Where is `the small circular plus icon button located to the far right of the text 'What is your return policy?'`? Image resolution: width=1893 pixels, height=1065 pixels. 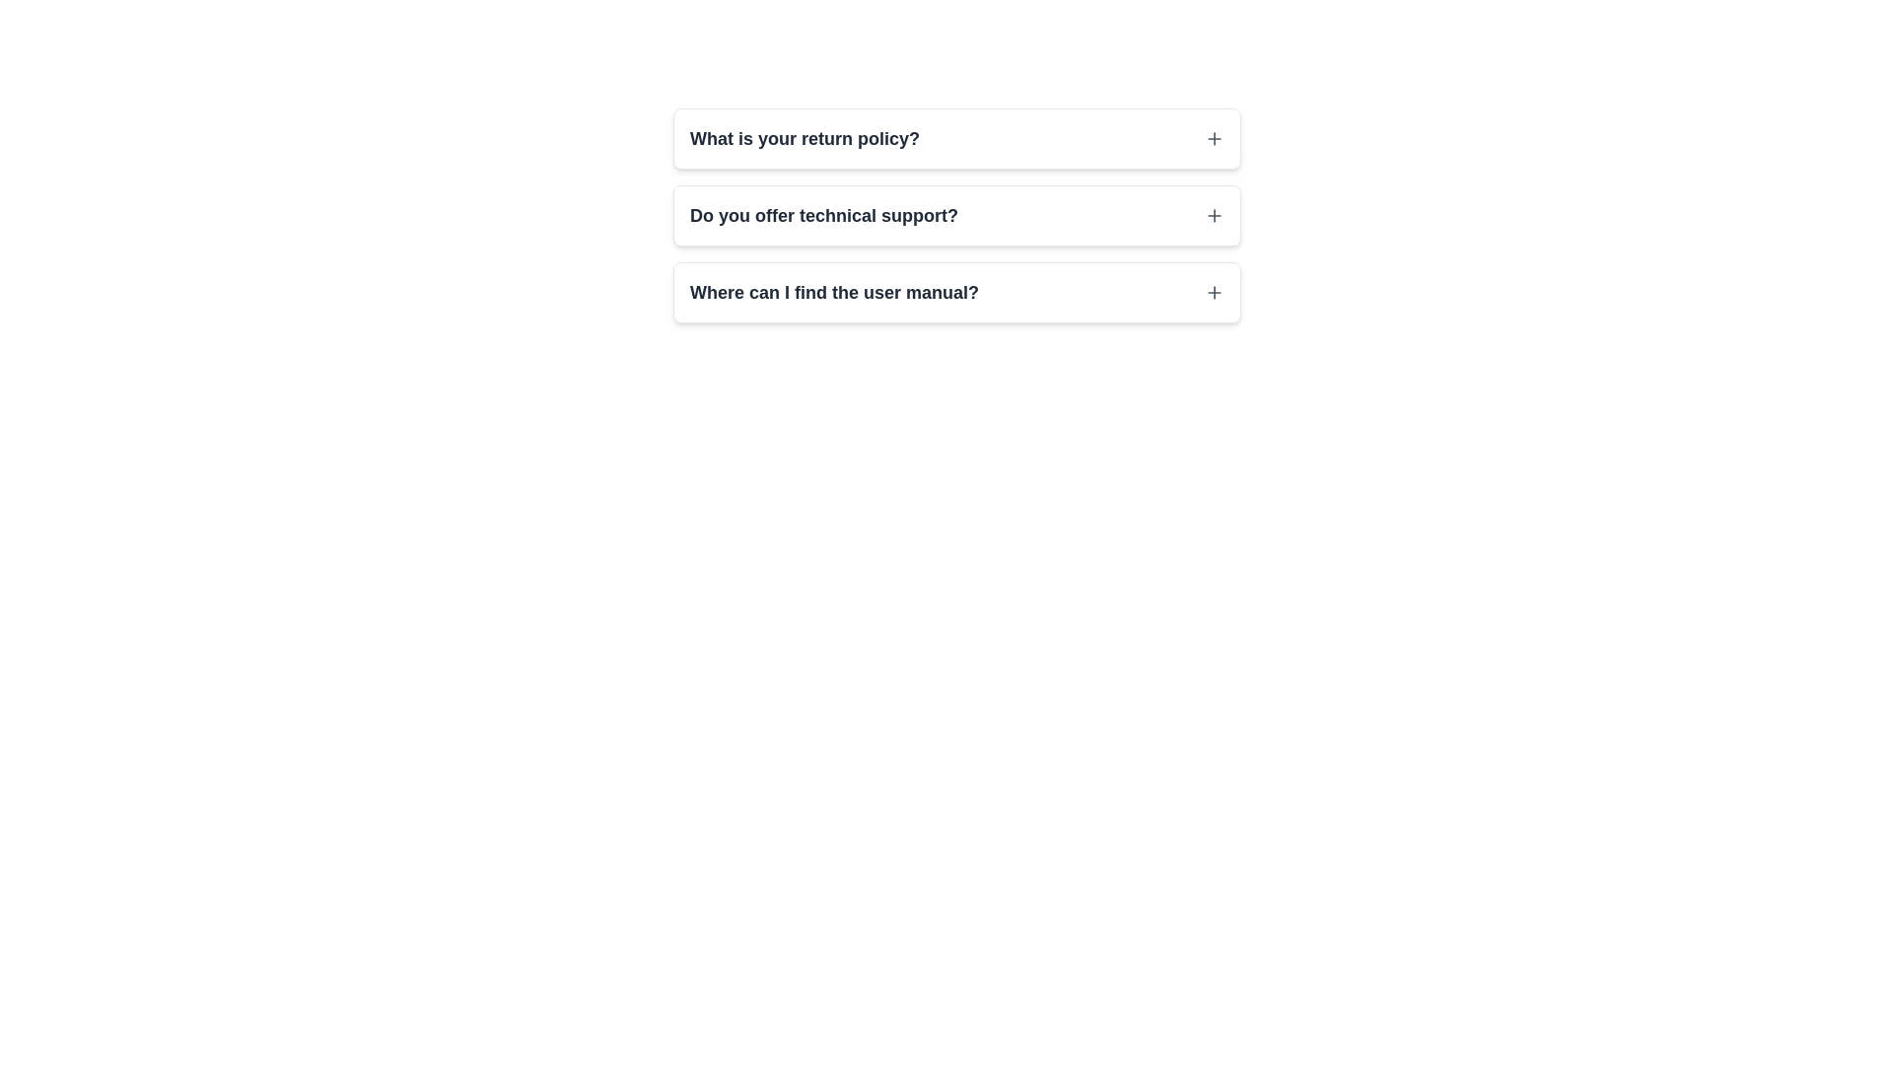 the small circular plus icon button located to the far right of the text 'What is your return policy?' is located at coordinates (1214, 138).